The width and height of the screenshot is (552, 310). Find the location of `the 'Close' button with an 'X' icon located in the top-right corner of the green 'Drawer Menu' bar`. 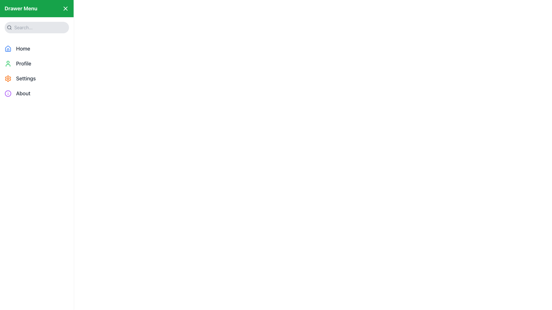

the 'Close' button with an 'X' icon located in the top-right corner of the green 'Drawer Menu' bar is located at coordinates (65, 9).